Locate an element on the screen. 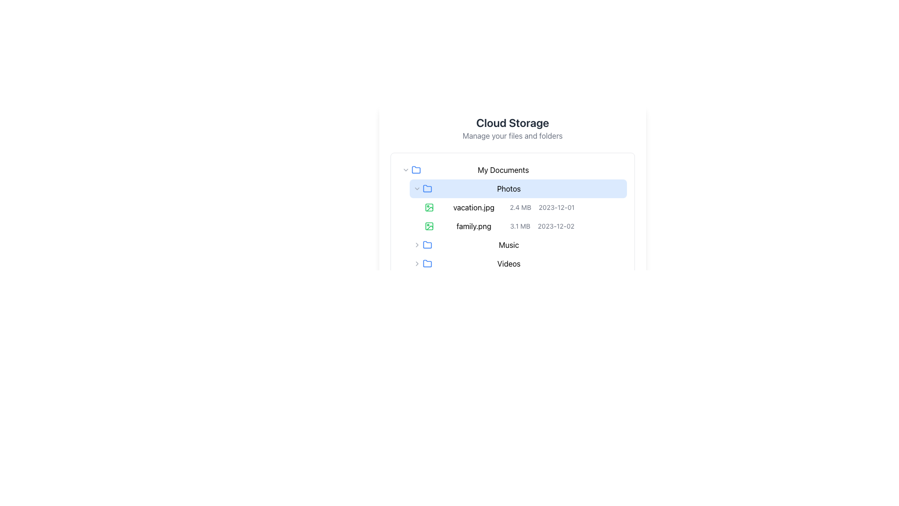  the 'Photos' folder icon located is located at coordinates (427, 188).